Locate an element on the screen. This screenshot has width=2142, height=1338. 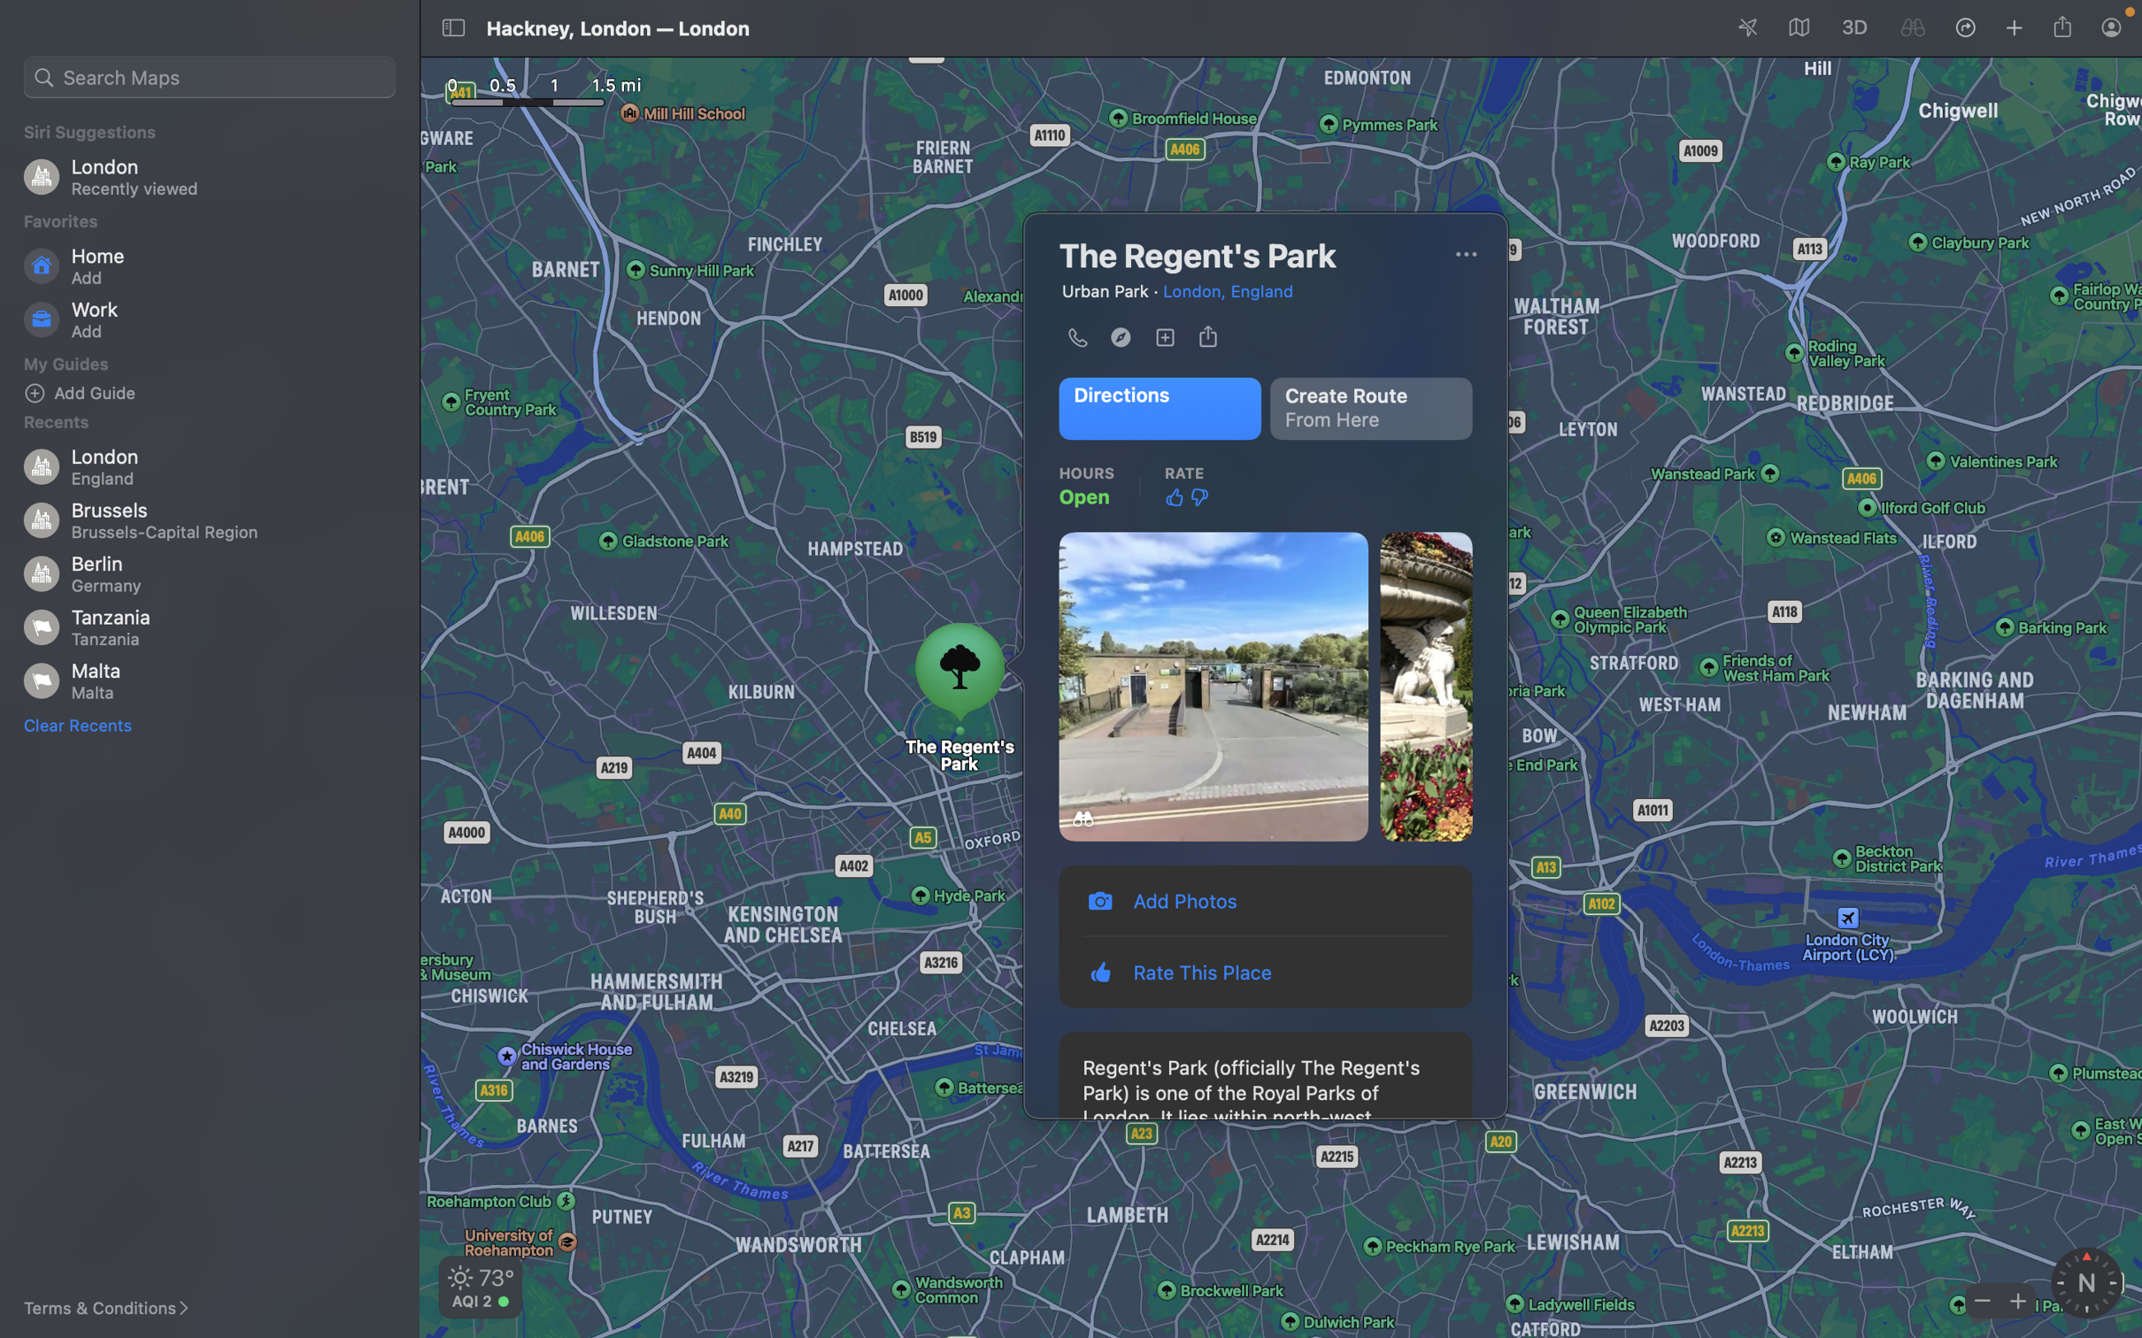
scrolling to enlarge the view of the map is located at coordinates (3646755, 1249023).